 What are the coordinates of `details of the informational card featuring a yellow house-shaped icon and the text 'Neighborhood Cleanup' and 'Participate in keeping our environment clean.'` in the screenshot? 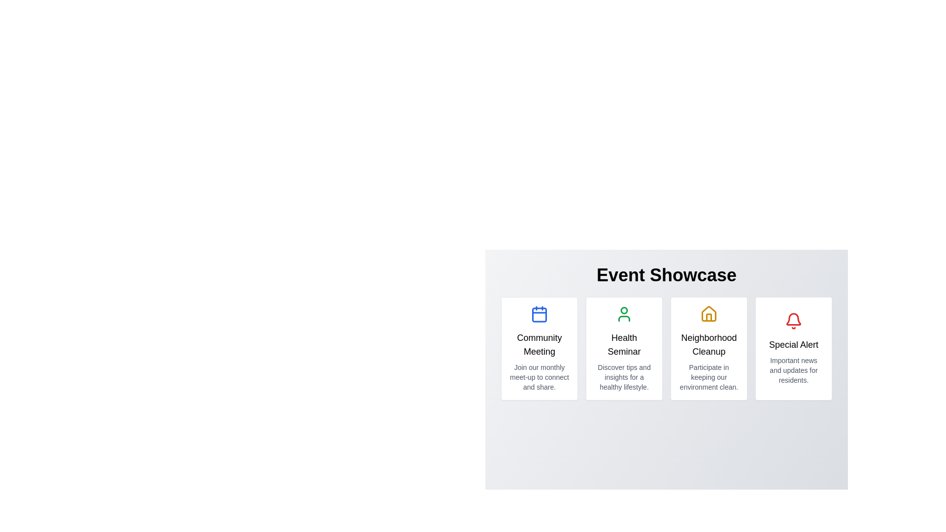 It's located at (709, 348).